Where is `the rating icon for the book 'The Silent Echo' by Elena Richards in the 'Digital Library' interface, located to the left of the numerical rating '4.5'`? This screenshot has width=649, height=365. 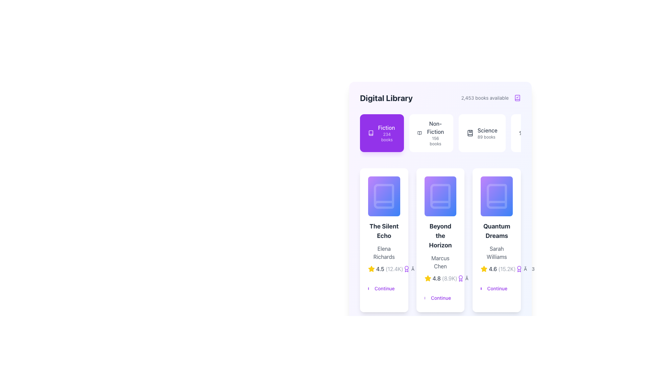
the rating icon for the book 'The Silent Echo' by Elena Richards in the 'Digital Library' interface, located to the left of the numerical rating '4.5' is located at coordinates (371, 268).